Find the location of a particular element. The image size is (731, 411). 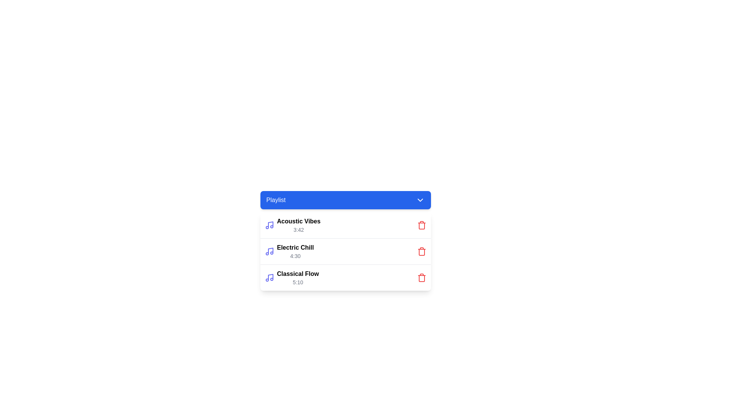

the text of the third song in the playlist, which is labeled as its title, for copying is located at coordinates (297, 274).